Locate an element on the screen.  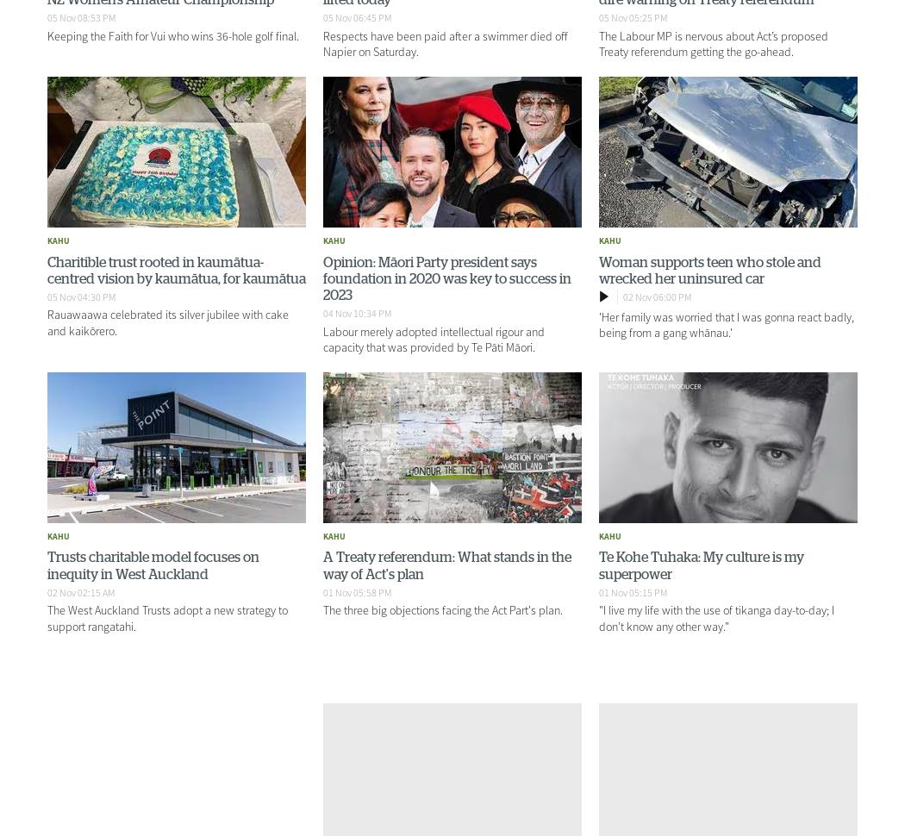
'Charitible trust rooted in kaumātua-centred vision by kaumātua, for kaumātua' is located at coordinates (47, 270).